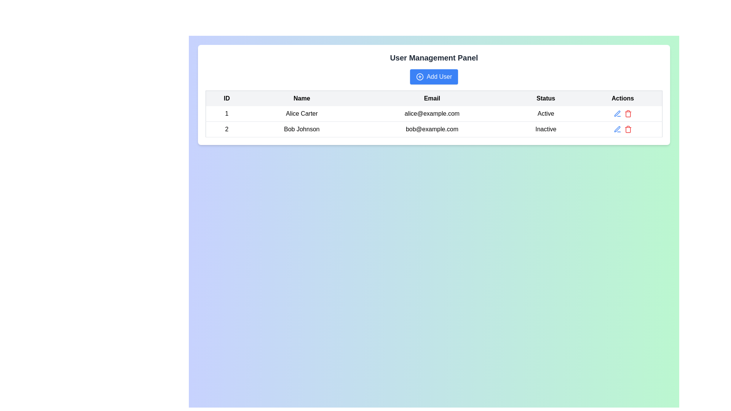 The height and width of the screenshot is (411, 731). Describe the element at coordinates (432, 114) in the screenshot. I see `the text display element showing 'alice@example.com' in the 'Email' column for user 'Alice Carter', status 'Active'` at that location.